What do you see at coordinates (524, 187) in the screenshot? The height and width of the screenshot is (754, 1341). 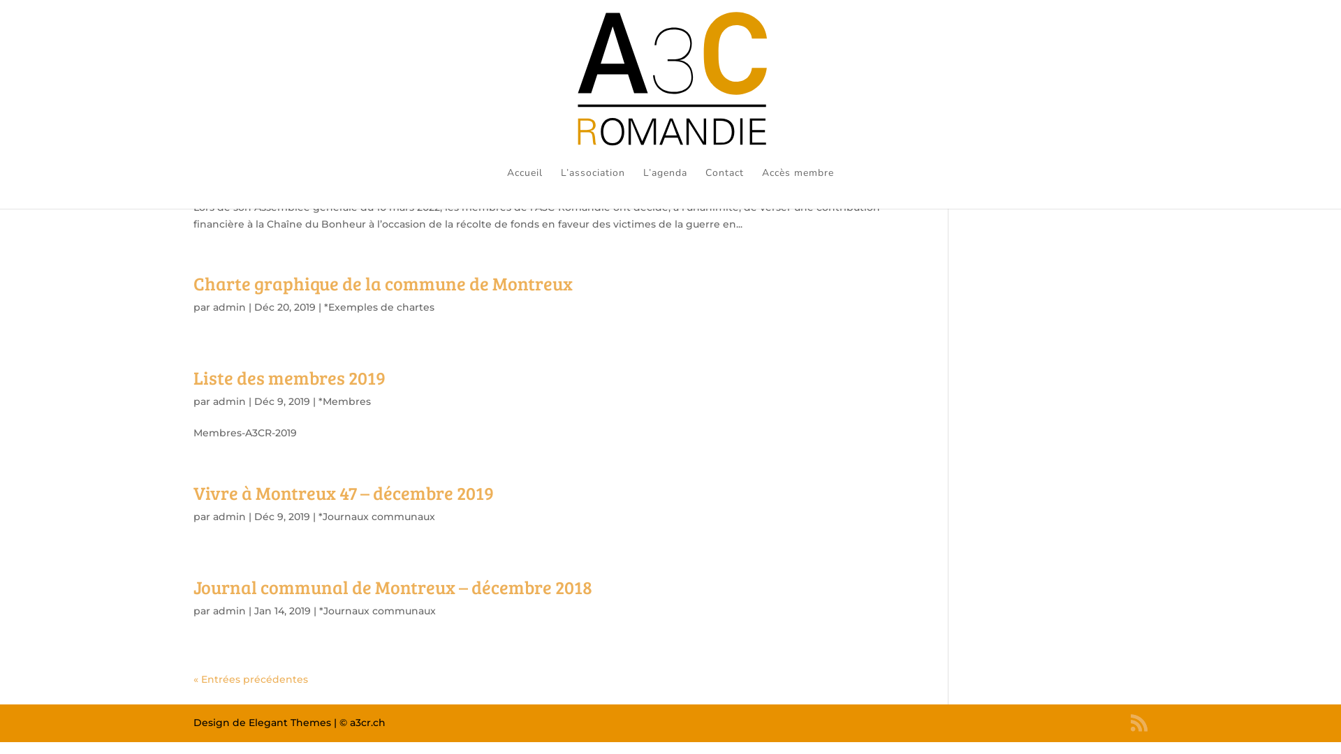 I see `'Accueil'` at bounding box center [524, 187].